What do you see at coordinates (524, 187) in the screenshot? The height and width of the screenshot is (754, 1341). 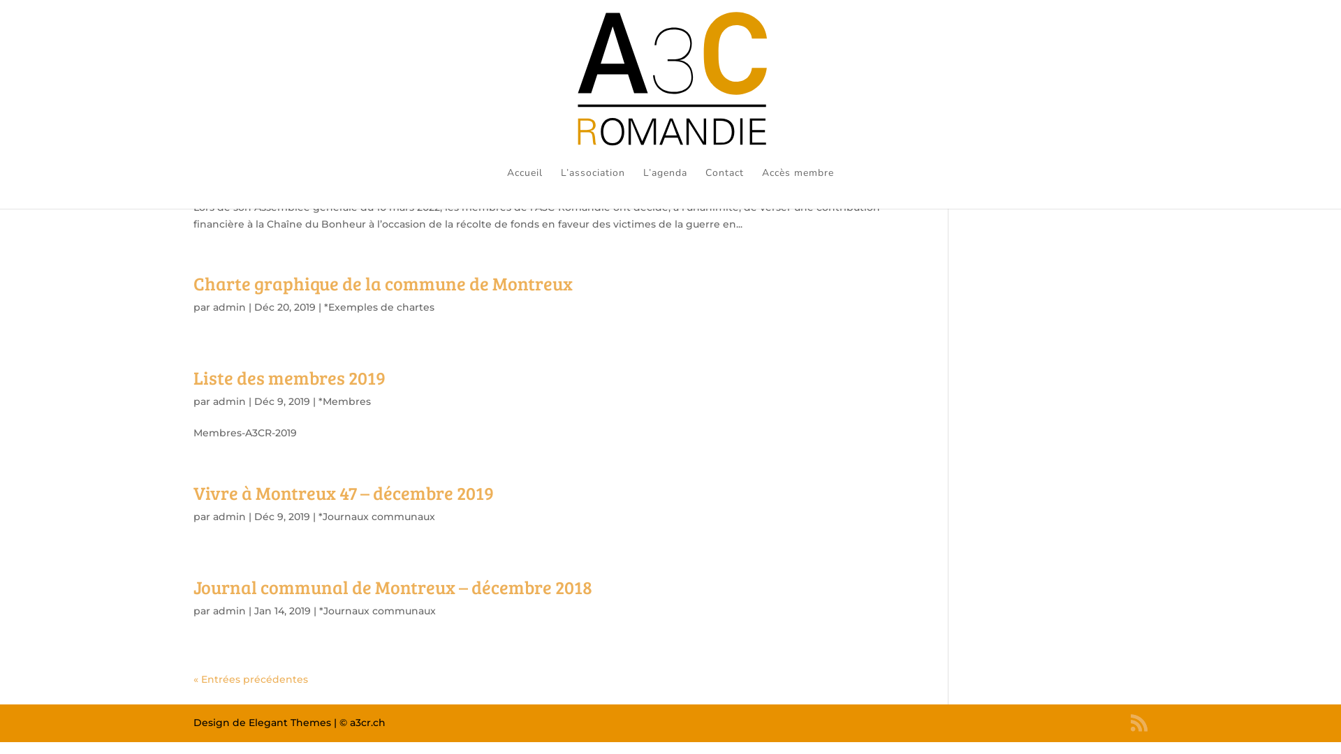 I see `'Accueil'` at bounding box center [524, 187].